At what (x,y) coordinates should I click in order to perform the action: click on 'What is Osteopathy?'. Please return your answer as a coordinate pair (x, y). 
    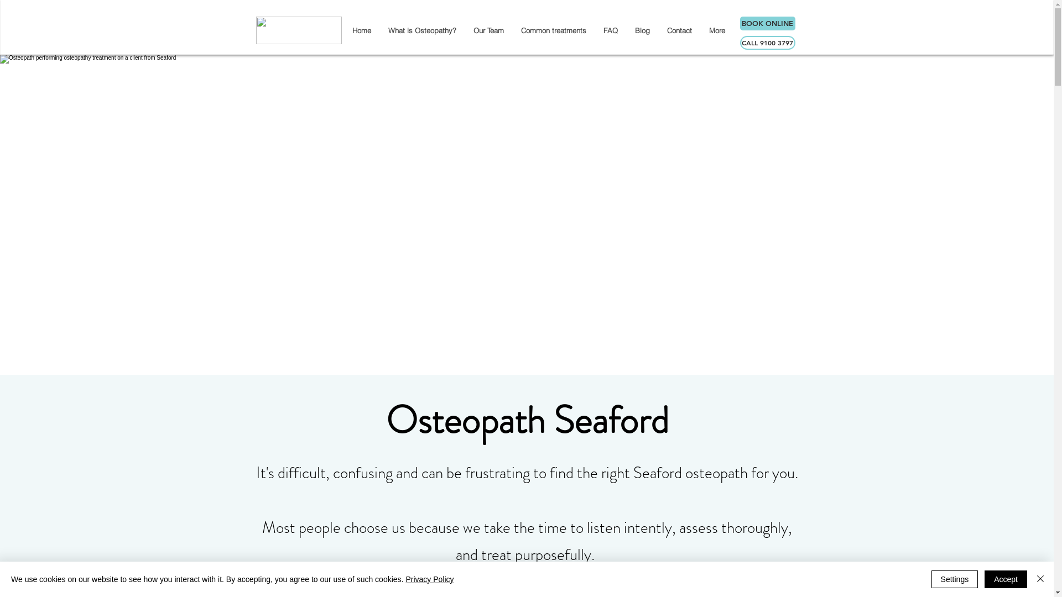
    Looking at the image, I should click on (421, 29).